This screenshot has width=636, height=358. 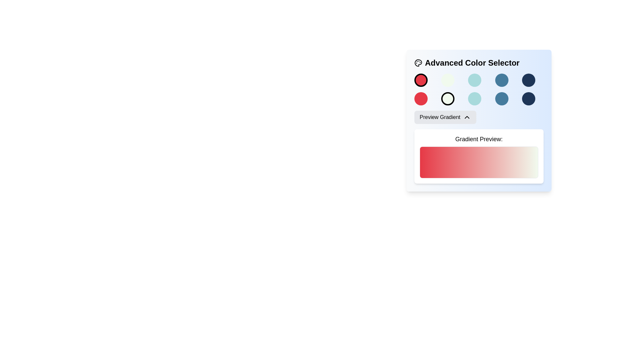 What do you see at coordinates (479, 139) in the screenshot?
I see `the descriptive heading text label for the gradient preview section, which is centrally positioned towards the right side of the interface, located above the gradient preview area` at bounding box center [479, 139].